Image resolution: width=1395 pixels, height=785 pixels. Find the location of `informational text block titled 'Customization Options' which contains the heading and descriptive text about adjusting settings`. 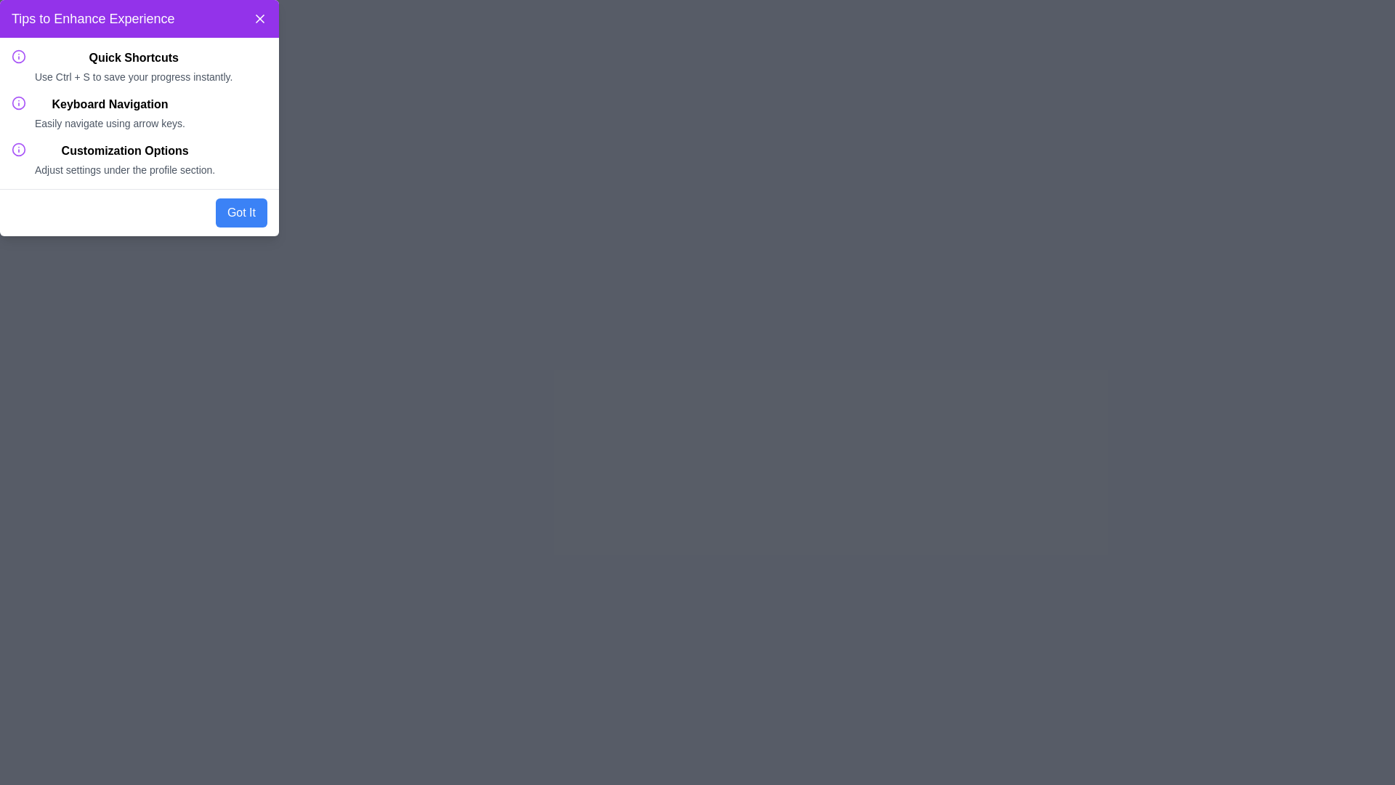

informational text block titled 'Customization Options' which contains the heading and descriptive text about adjusting settings is located at coordinates (125, 159).